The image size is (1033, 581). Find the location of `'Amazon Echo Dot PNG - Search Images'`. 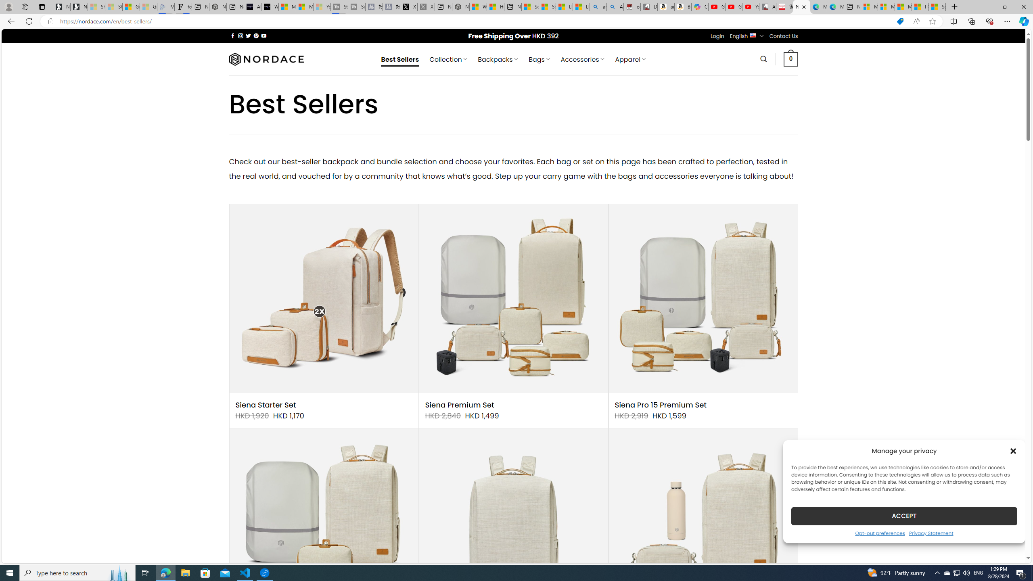

'Amazon Echo Dot PNG - Search Images' is located at coordinates (615, 6).